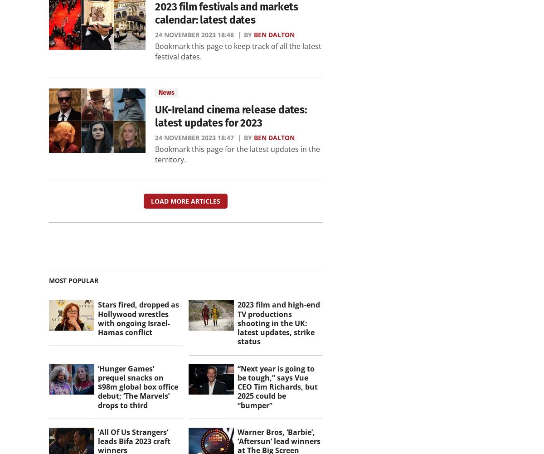 The height and width of the screenshot is (454, 544). I want to click on '24 November 2023 18:48', so click(194, 34).